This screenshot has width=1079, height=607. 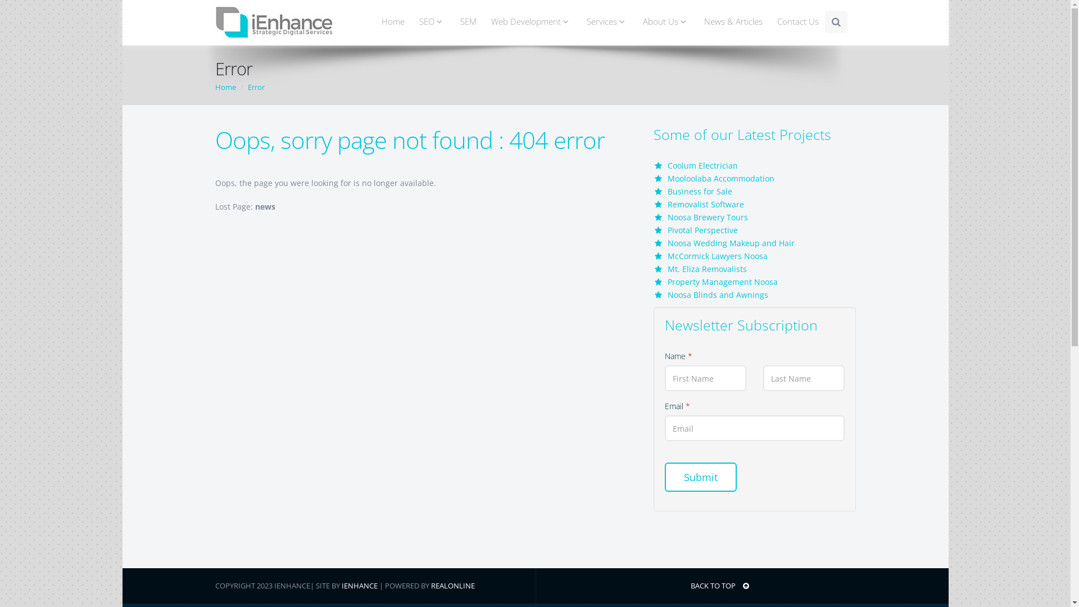 I want to click on 'Home', so click(x=225, y=86).